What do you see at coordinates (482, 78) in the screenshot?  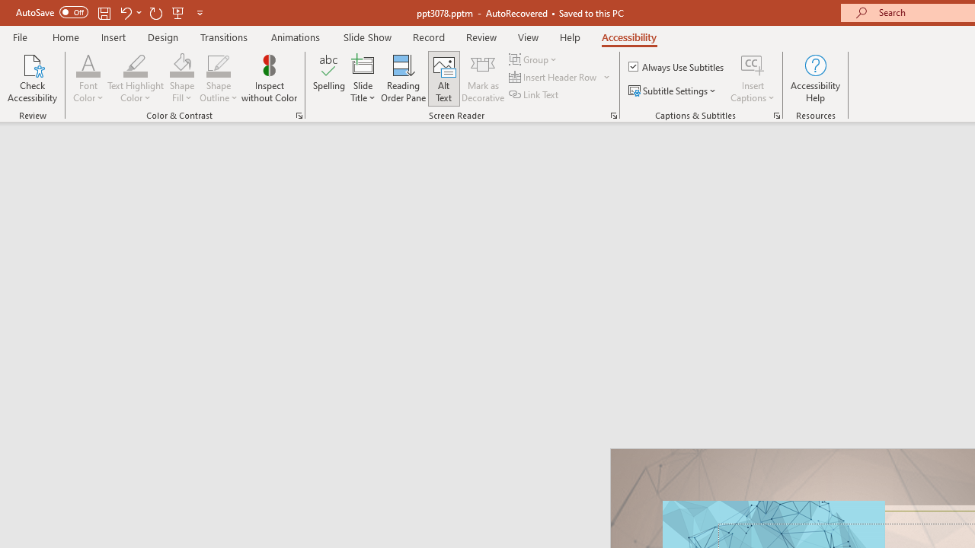 I see `'Mark as Decorative'` at bounding box center [482, 78].